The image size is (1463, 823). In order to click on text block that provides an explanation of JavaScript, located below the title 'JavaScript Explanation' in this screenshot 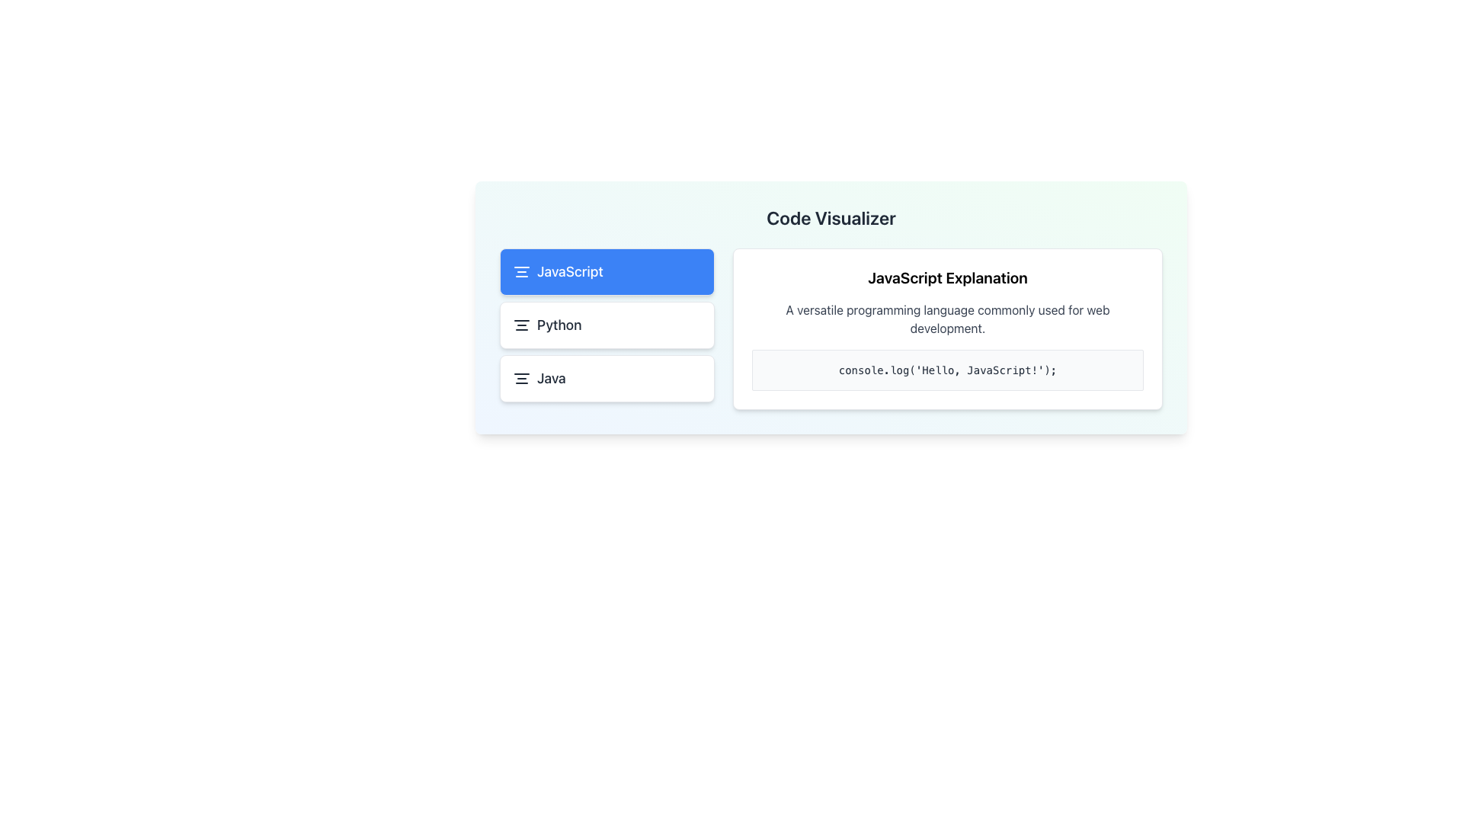, I will do `click(946, 319)`.